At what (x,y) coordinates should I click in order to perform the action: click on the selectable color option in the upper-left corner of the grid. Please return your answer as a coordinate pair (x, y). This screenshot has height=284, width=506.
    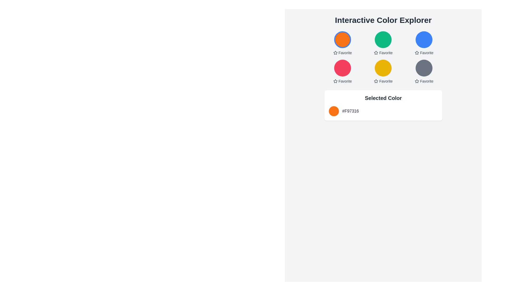
    Looking at the image, I should click on (342, 43).